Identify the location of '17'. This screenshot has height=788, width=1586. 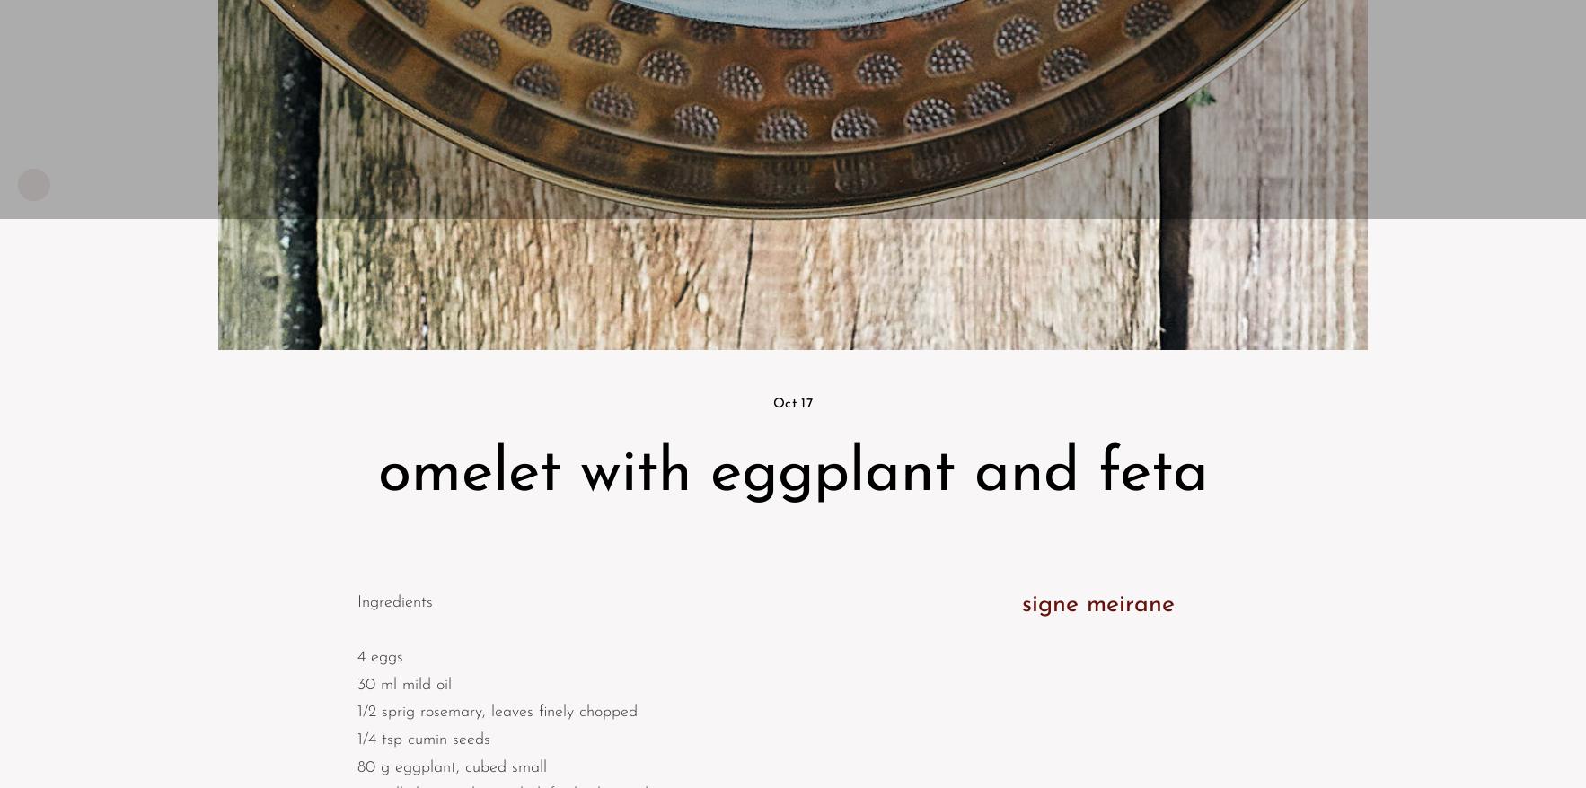
(806, 402).